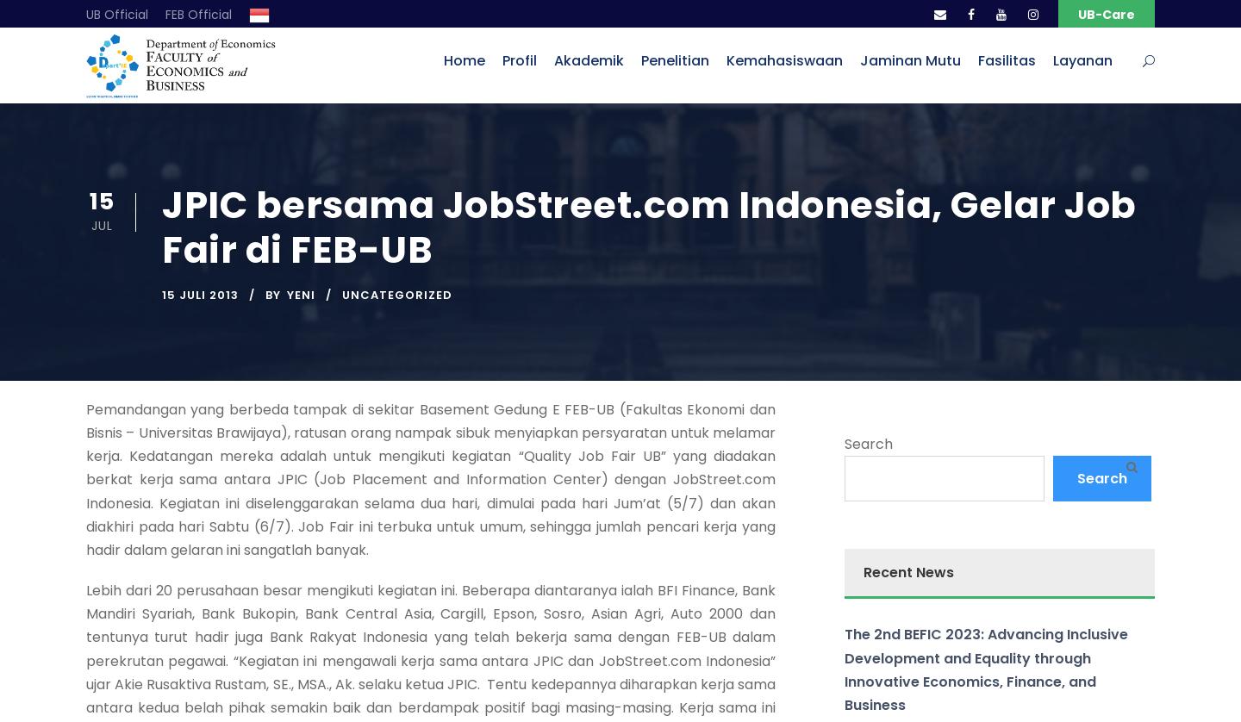  I want to click on 'JPIC bersama JobStreet.com Indonesia, Gelar Job Fair di FEB-UB', so click(647, 226).